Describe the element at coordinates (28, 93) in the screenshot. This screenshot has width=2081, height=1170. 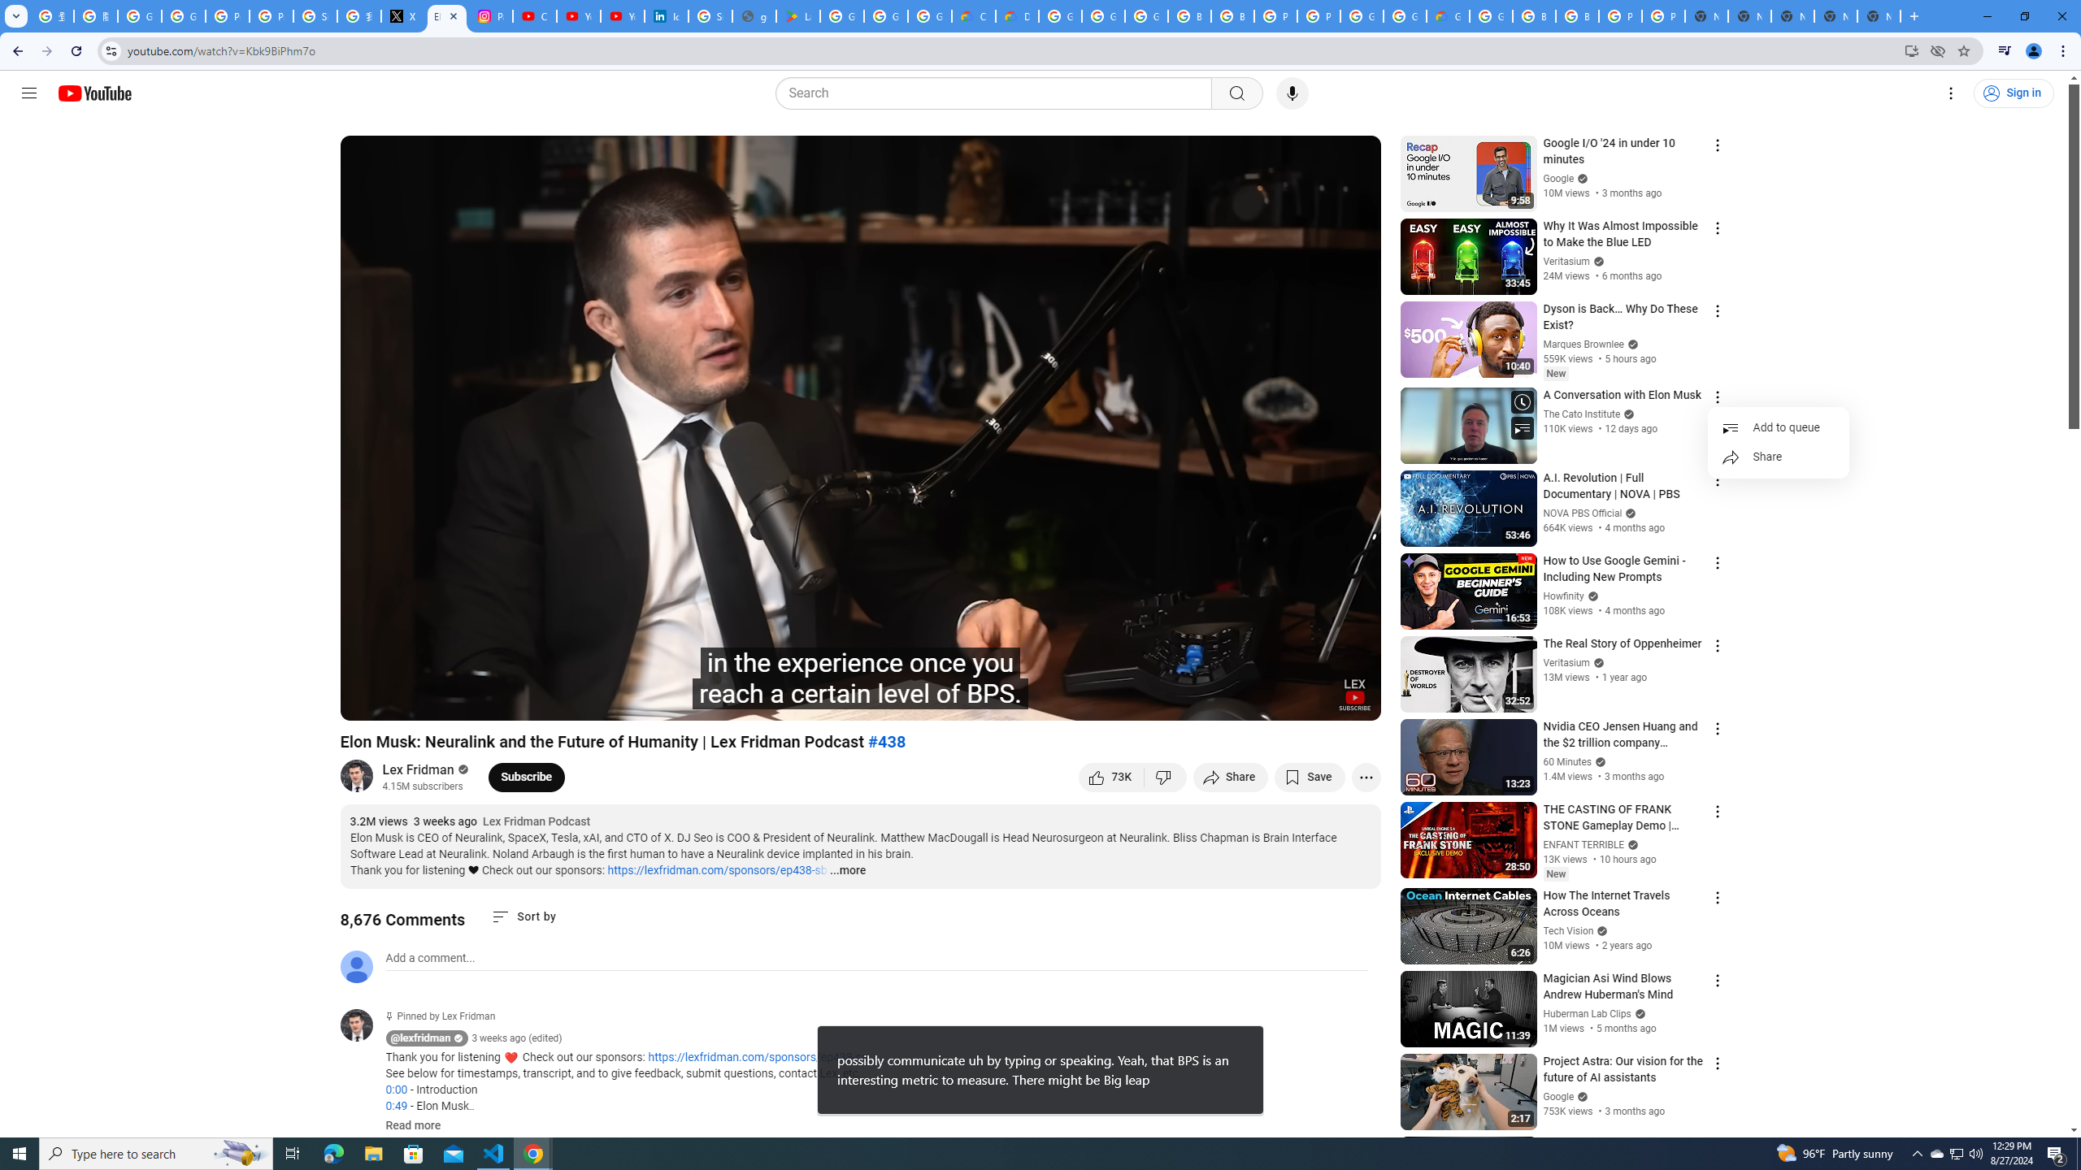
I see `'Guide'` at that location.